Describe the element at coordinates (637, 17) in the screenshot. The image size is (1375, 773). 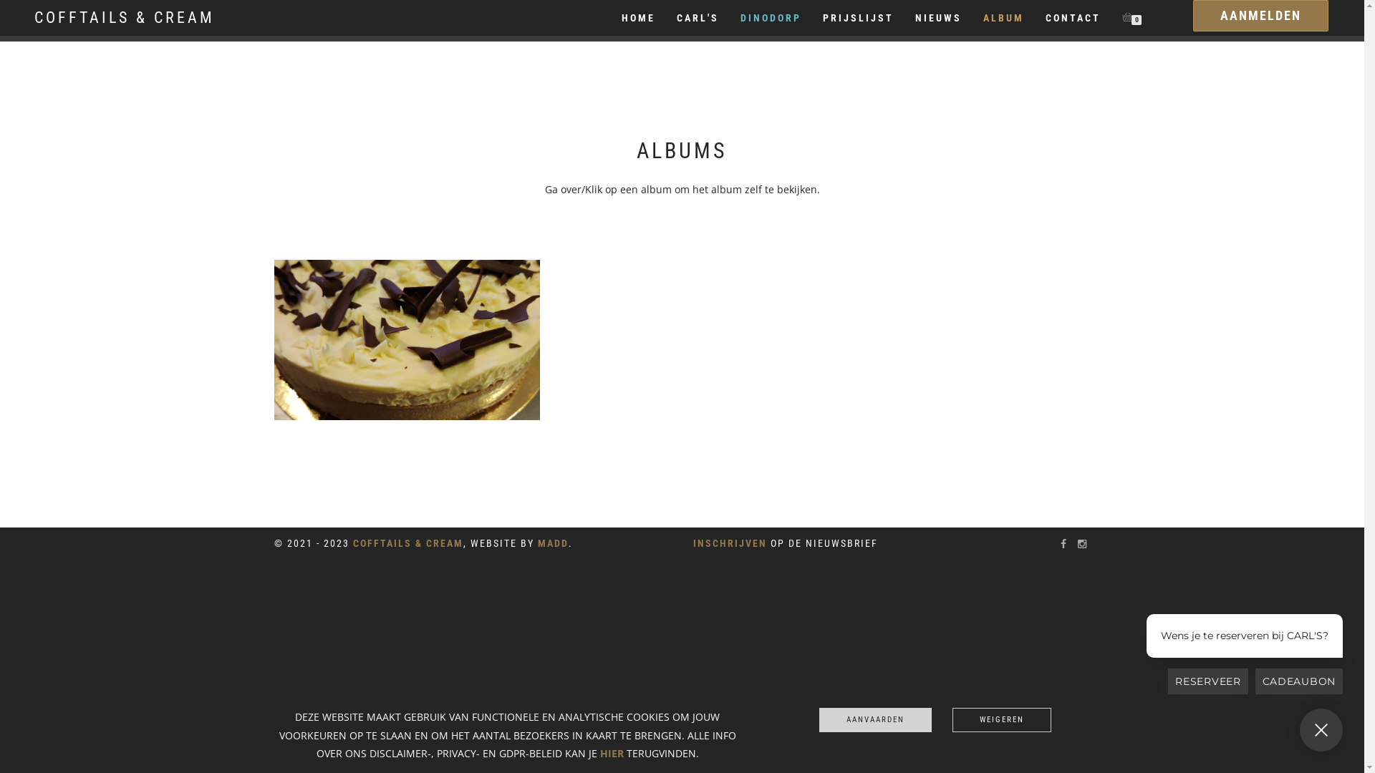
I see `'HOME'` at that location.